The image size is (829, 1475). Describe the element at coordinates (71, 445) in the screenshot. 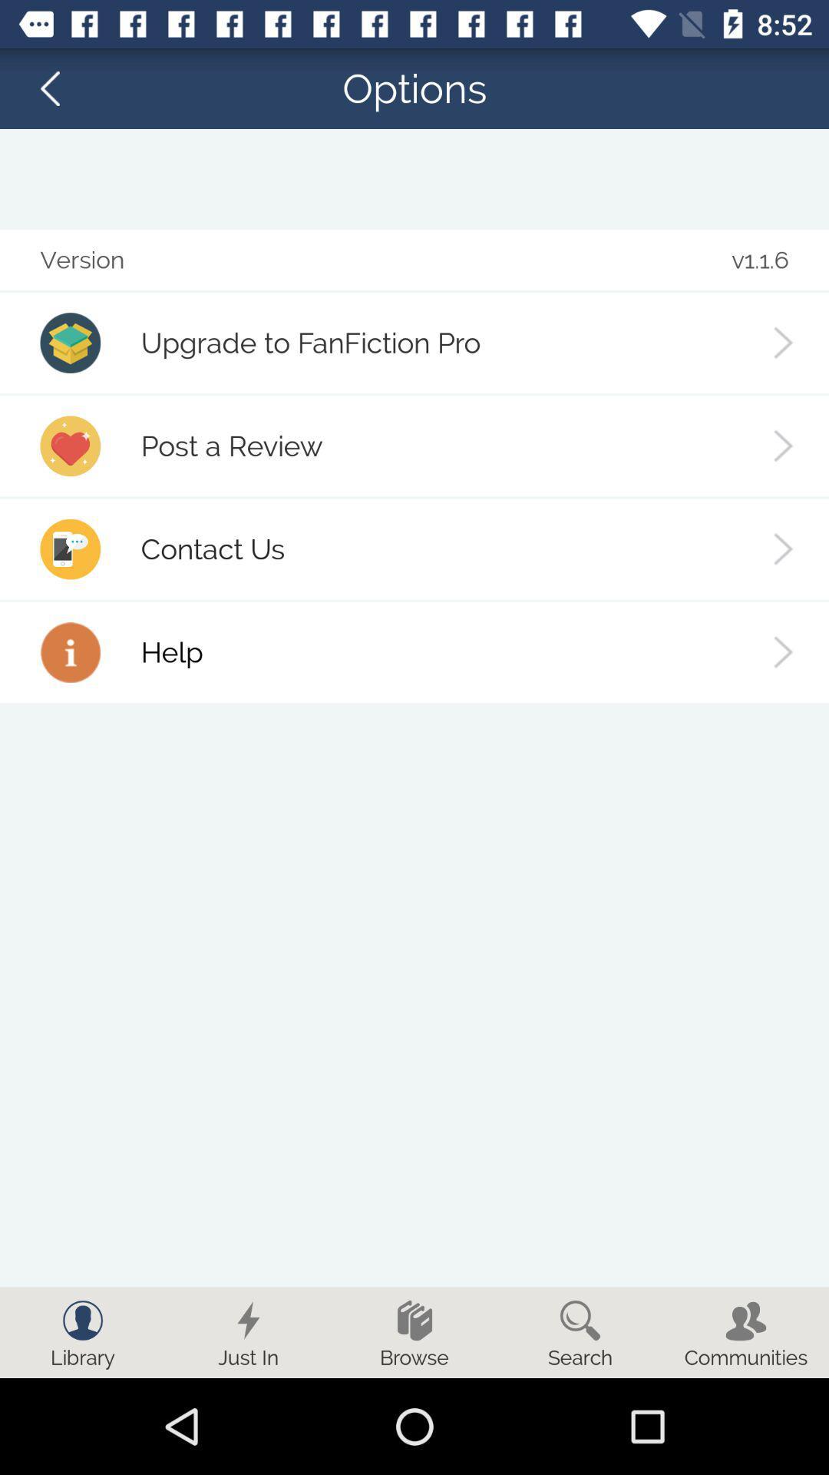

I see `icon on the left side of post a review` at that location.